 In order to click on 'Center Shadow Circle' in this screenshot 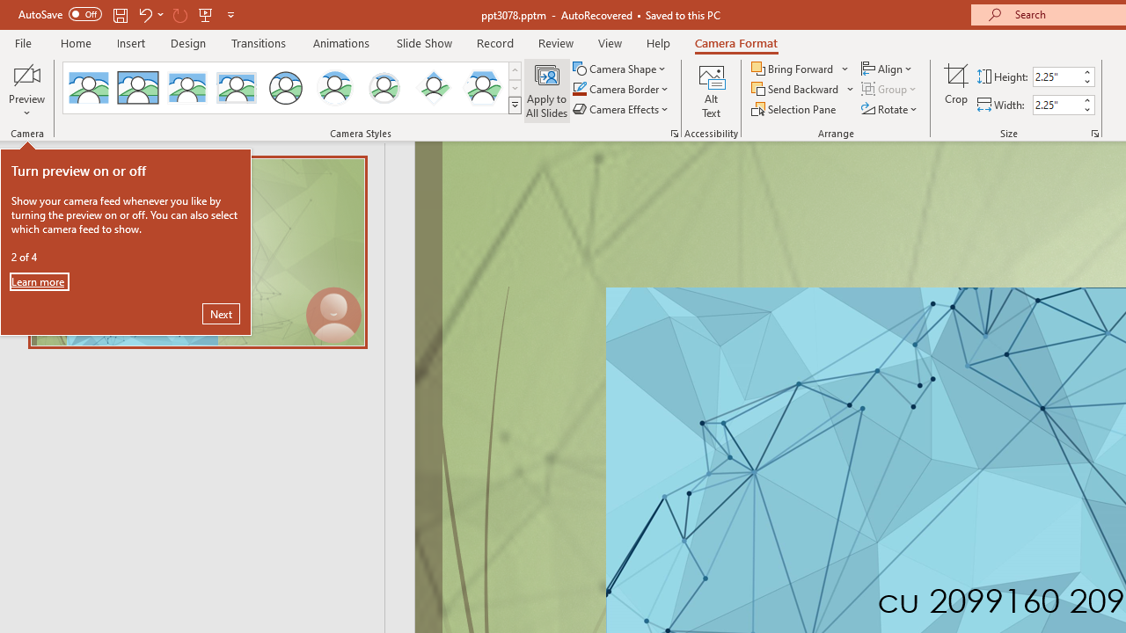, I will do `click(335, 88)`.